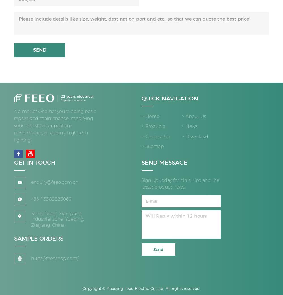  Describe the element at coordinates (141, 186) in the screenshot. I see `'Sign up today for hints, tips and the latest product news.'` at that location.